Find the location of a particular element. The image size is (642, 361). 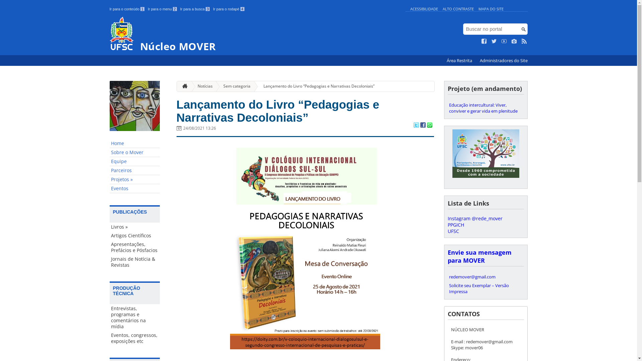

'Sem categoria' is located at coordinates (234, 86).